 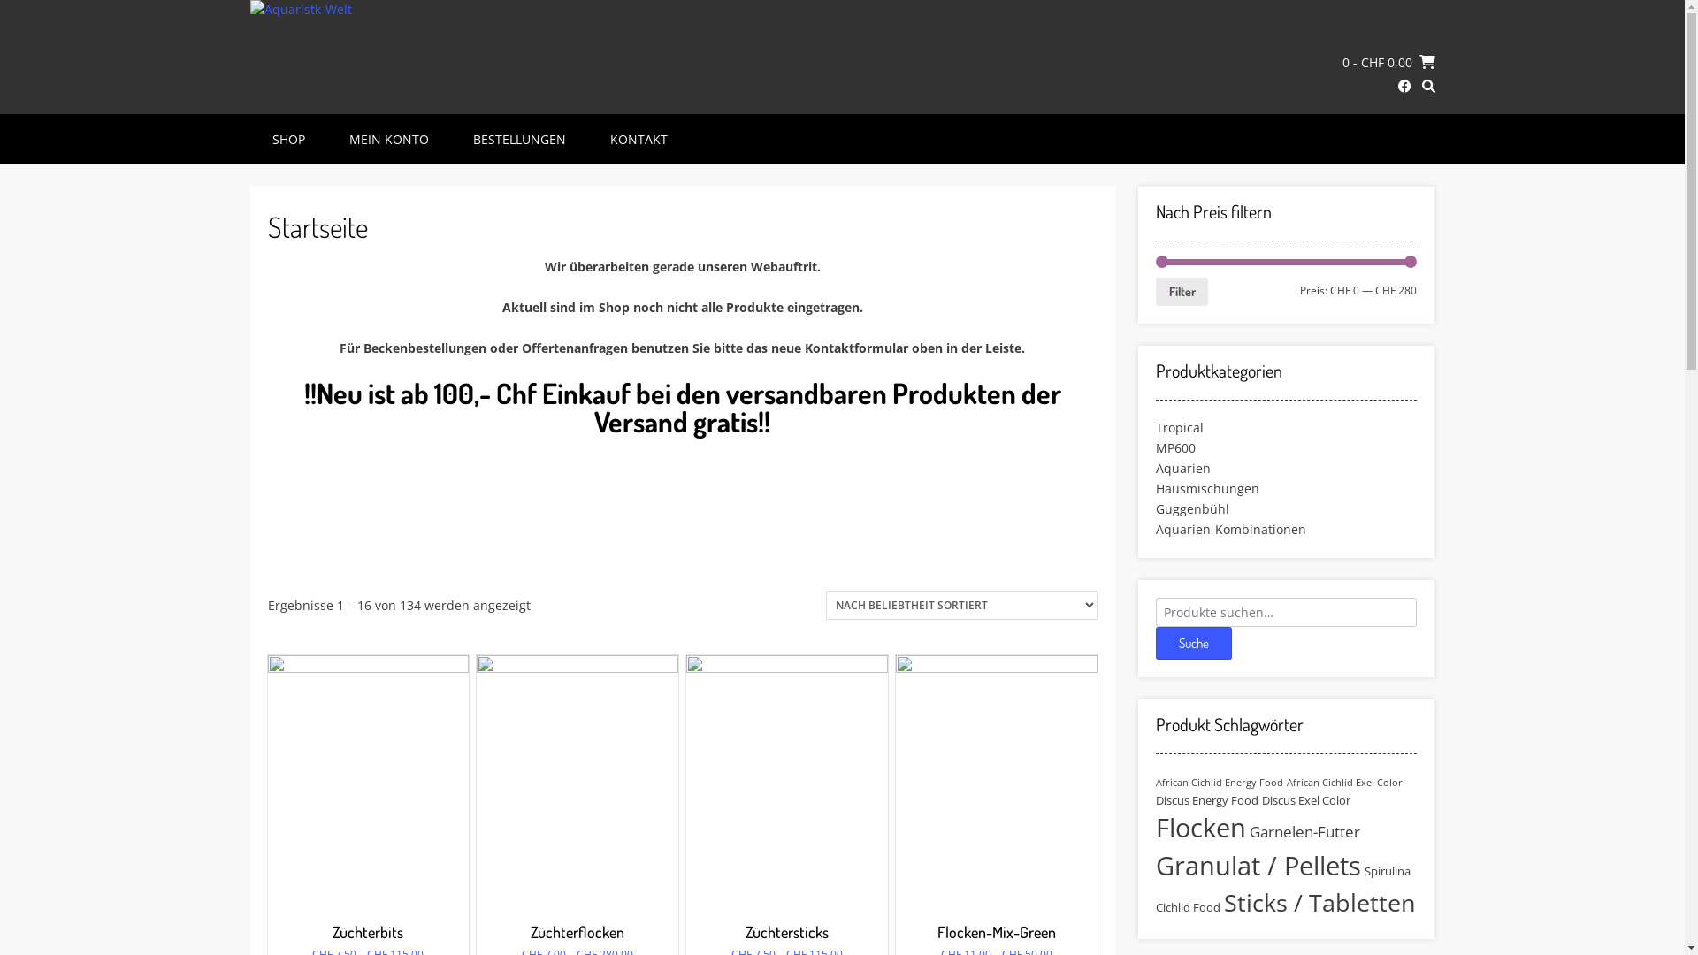 What do you see at coordinates (386, 138) in the screenshot?
I see `'MEIN KONTO'` at bounding box center [386, 138].